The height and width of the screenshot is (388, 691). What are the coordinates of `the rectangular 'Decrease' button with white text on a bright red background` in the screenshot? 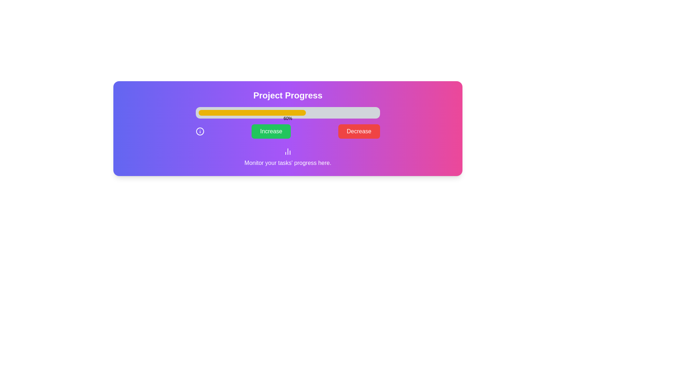 It's located at (359, 131).